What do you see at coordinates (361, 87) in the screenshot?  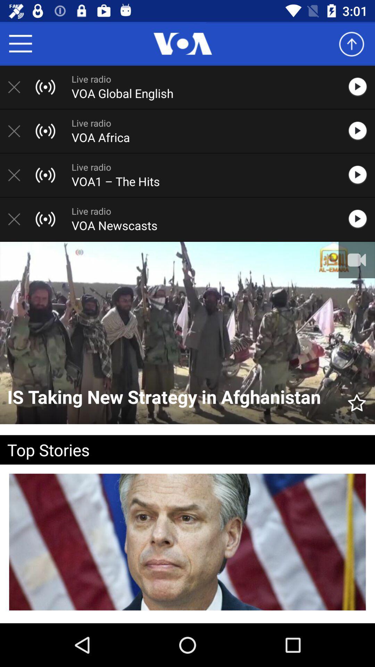 I see `audio` at bounding box center [361, 87].